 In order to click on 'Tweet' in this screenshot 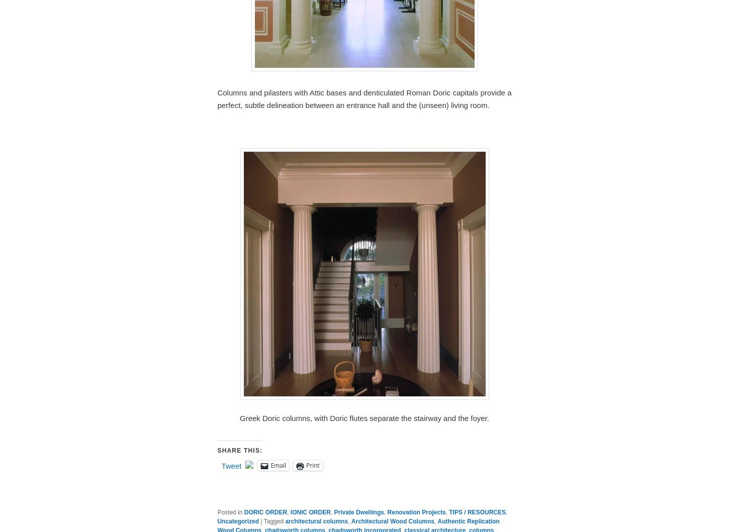, I will do `click(230, 466)`.